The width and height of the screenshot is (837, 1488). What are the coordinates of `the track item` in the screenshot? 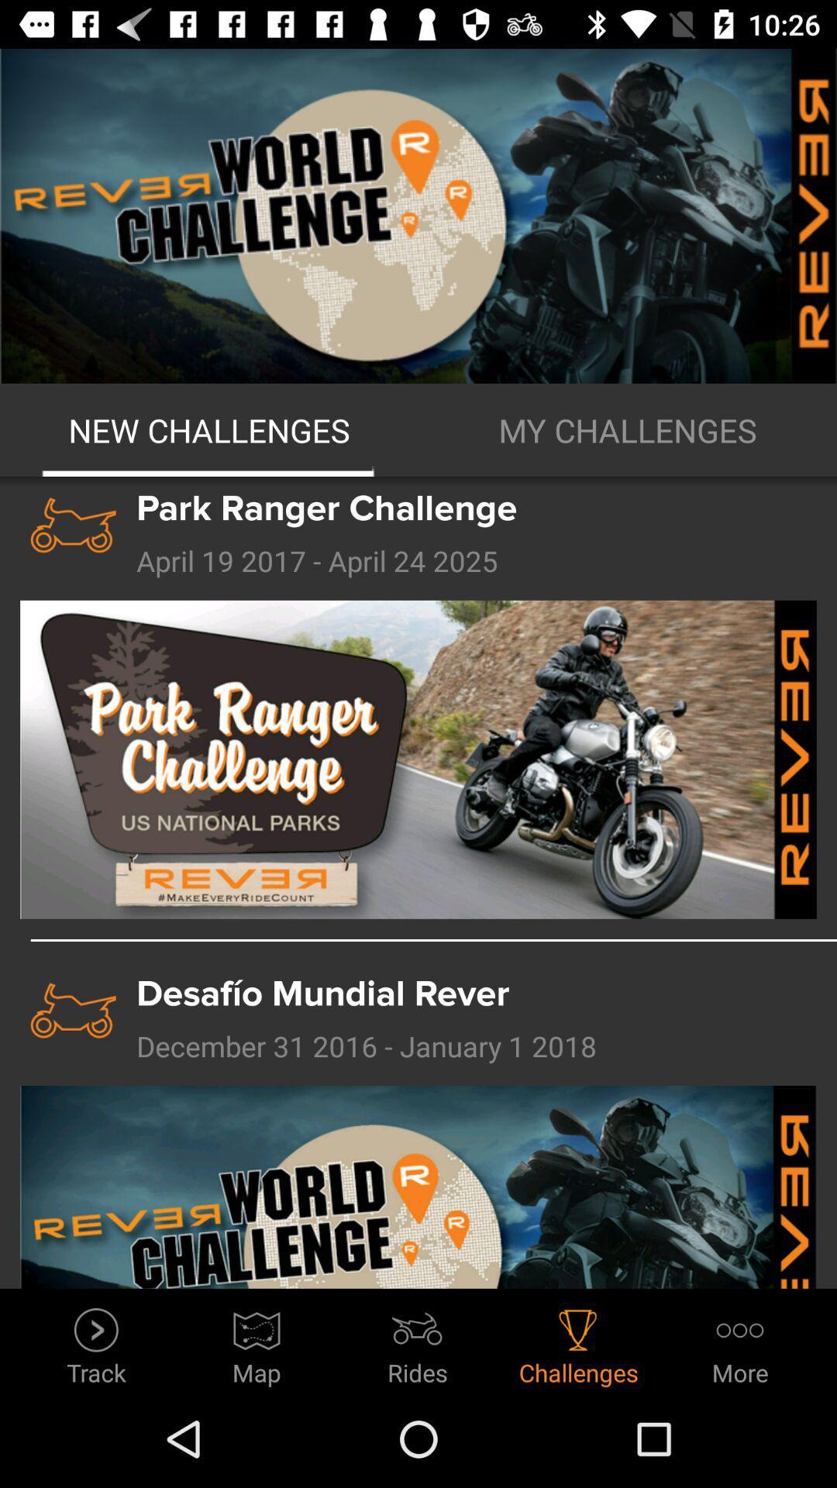 It's located at (96, 1342).